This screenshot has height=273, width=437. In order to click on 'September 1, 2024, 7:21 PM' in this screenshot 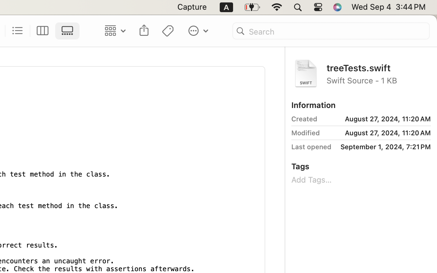, I will do `click(383, 147)`.